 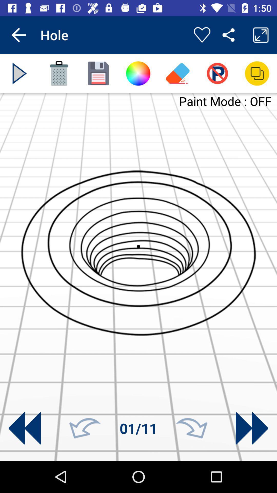 What do you see at coordinates (85, 428) in the screenshot?
I see `rotate left` at bounding box center [85, 428].